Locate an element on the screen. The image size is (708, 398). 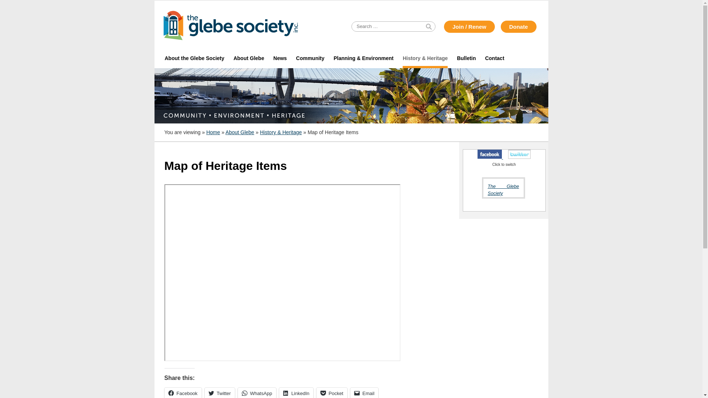
'News' is located at coordinates (280, 58).